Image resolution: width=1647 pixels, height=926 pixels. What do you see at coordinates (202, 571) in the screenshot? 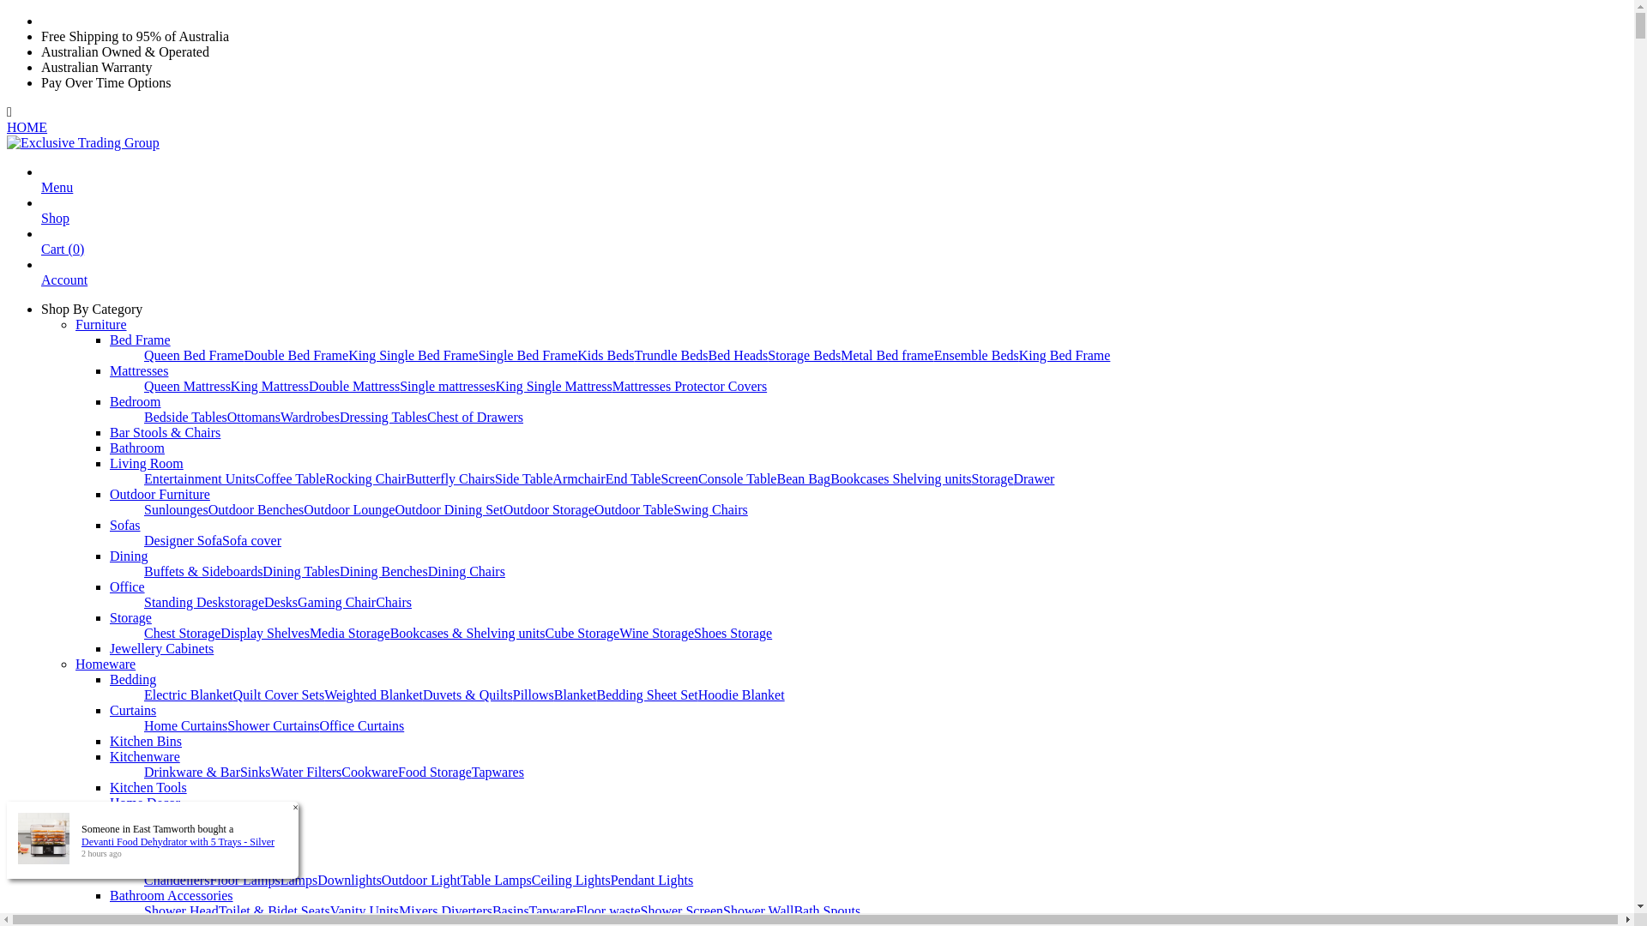
I see `'Buffets & Sideboards'` at bounding box center [202, 571].